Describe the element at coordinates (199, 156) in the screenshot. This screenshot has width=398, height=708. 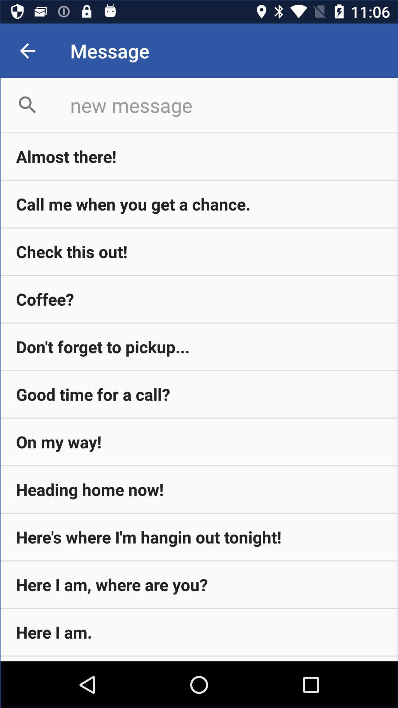
I see `icon above the call me when` at that location.